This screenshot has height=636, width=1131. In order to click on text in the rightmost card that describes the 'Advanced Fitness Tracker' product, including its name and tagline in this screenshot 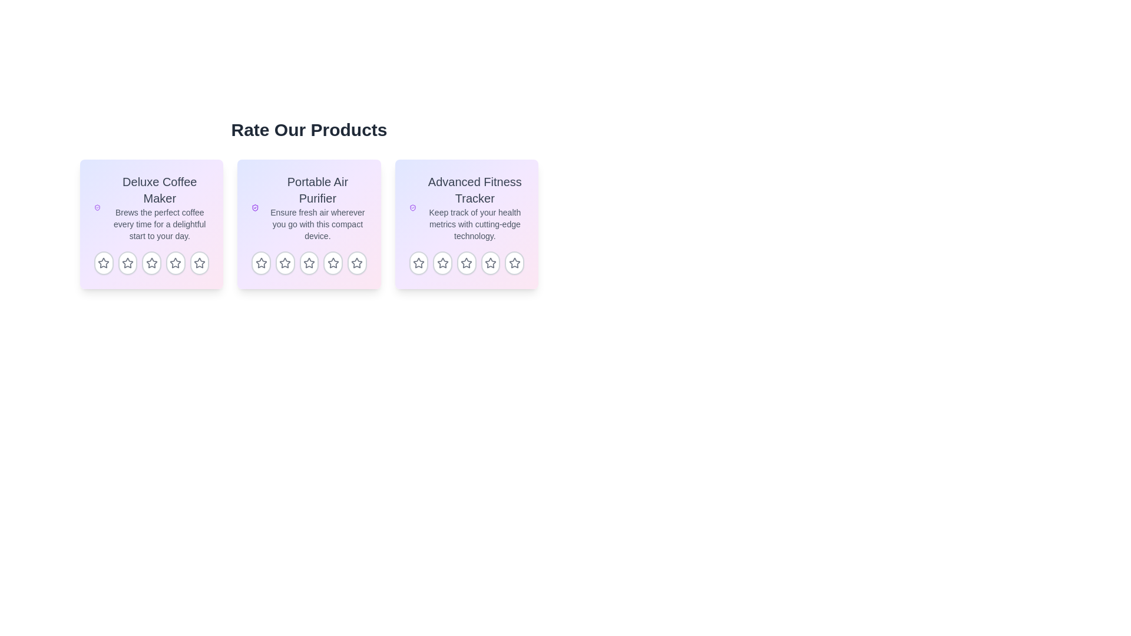, I will do `click(475, 207)`.